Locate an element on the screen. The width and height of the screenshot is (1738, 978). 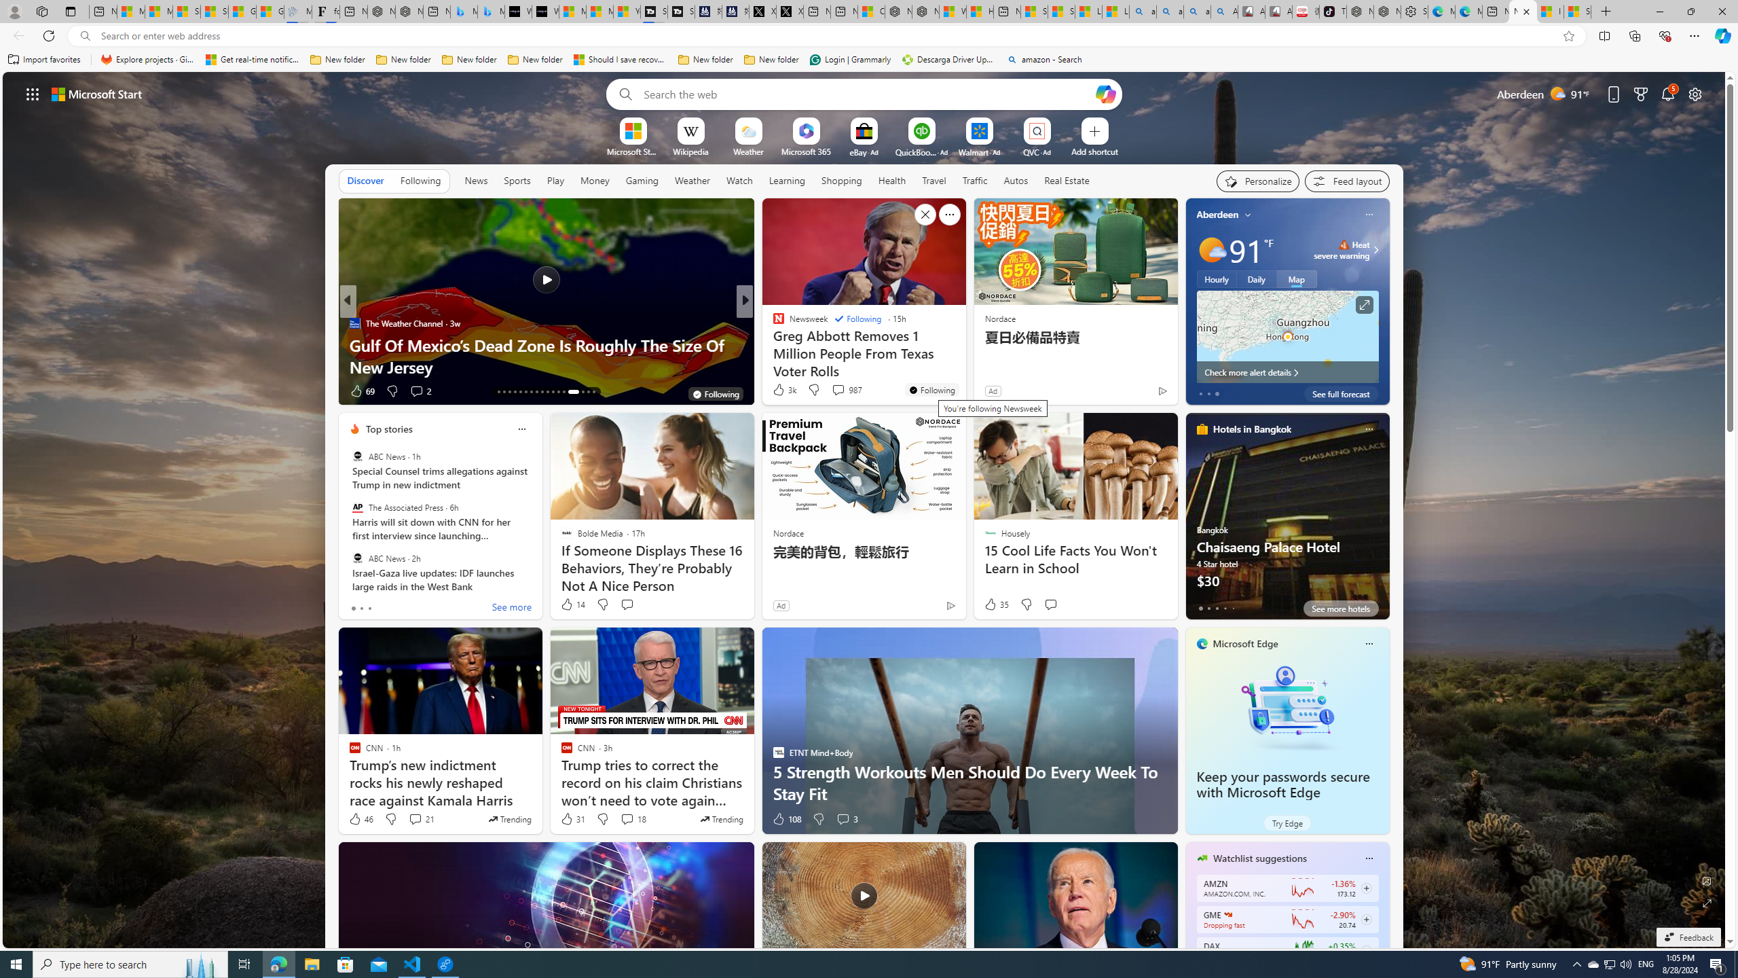
'AutomationID: tab-23' is located at coordinates (553, 392).